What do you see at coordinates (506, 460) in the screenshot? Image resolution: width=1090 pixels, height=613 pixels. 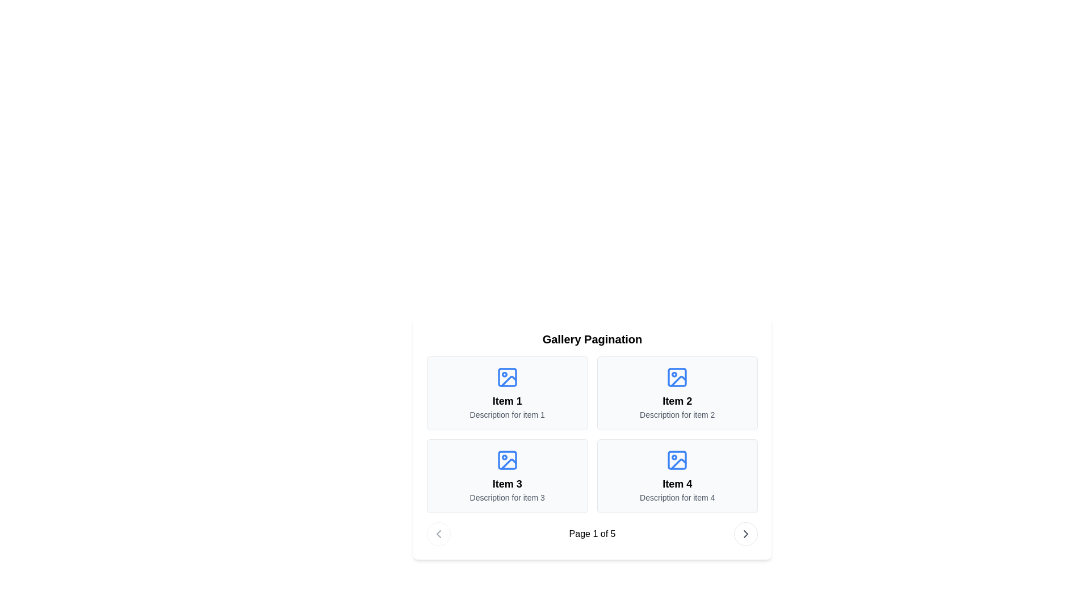 I see `the icon representing 'Item 3' located in the second row, first column of the grid layout` at bounding box center [506, 460].